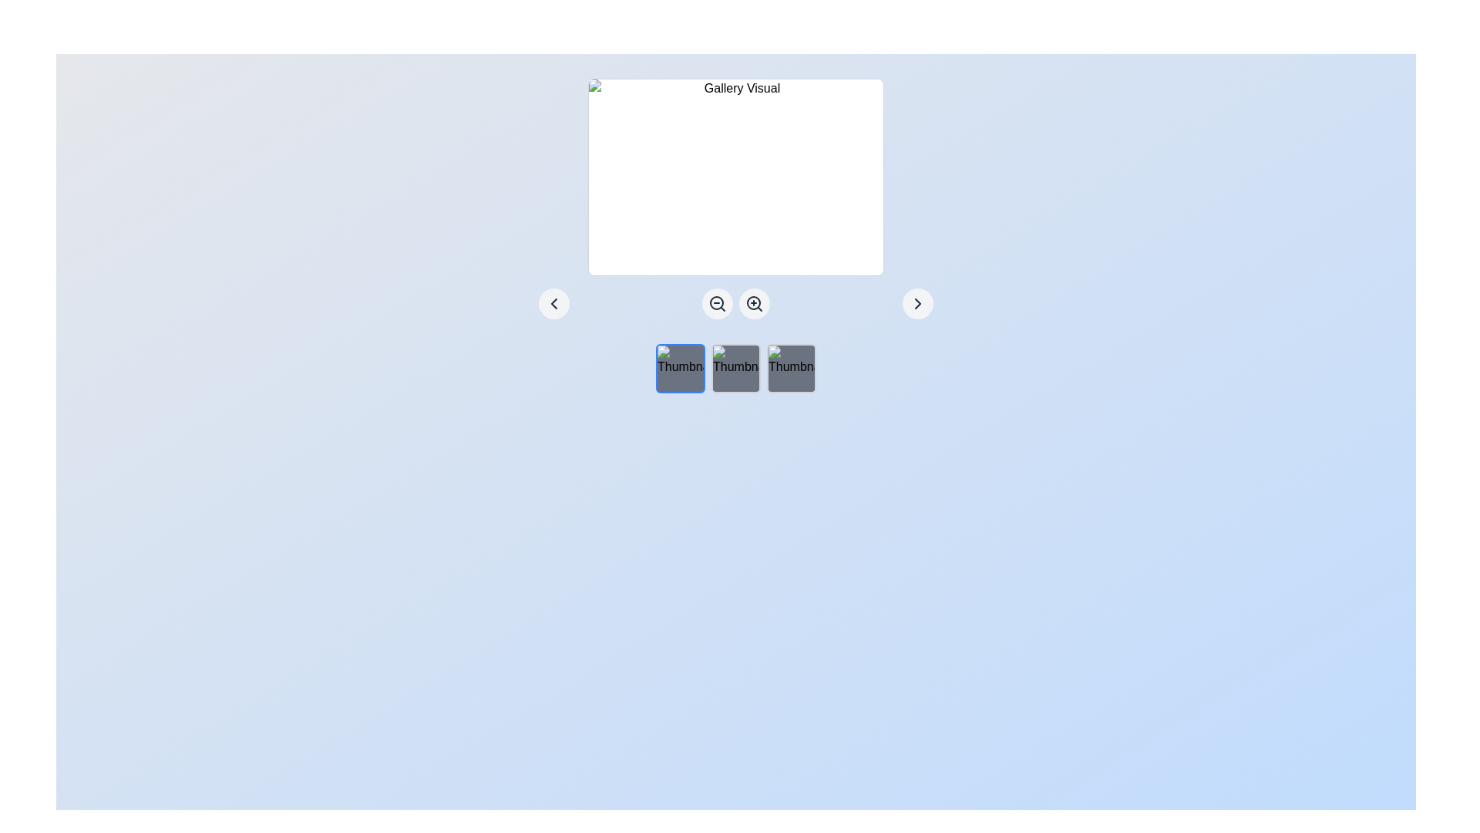  Describe the element at coordinates (554, 303) in the screenshot. I see `the left navigation icon within the circular button located in the bottom-left corner of the gallery section` at that location.